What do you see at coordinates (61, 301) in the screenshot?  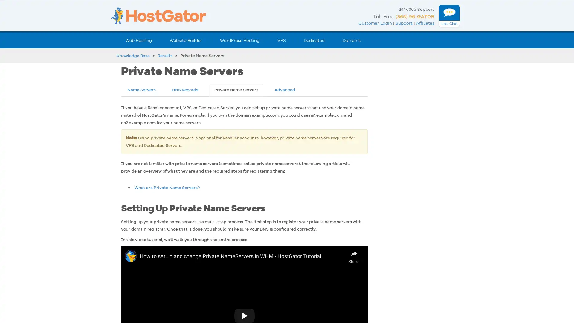 I see `Cookies Settings` at bounding box center [61, 301].